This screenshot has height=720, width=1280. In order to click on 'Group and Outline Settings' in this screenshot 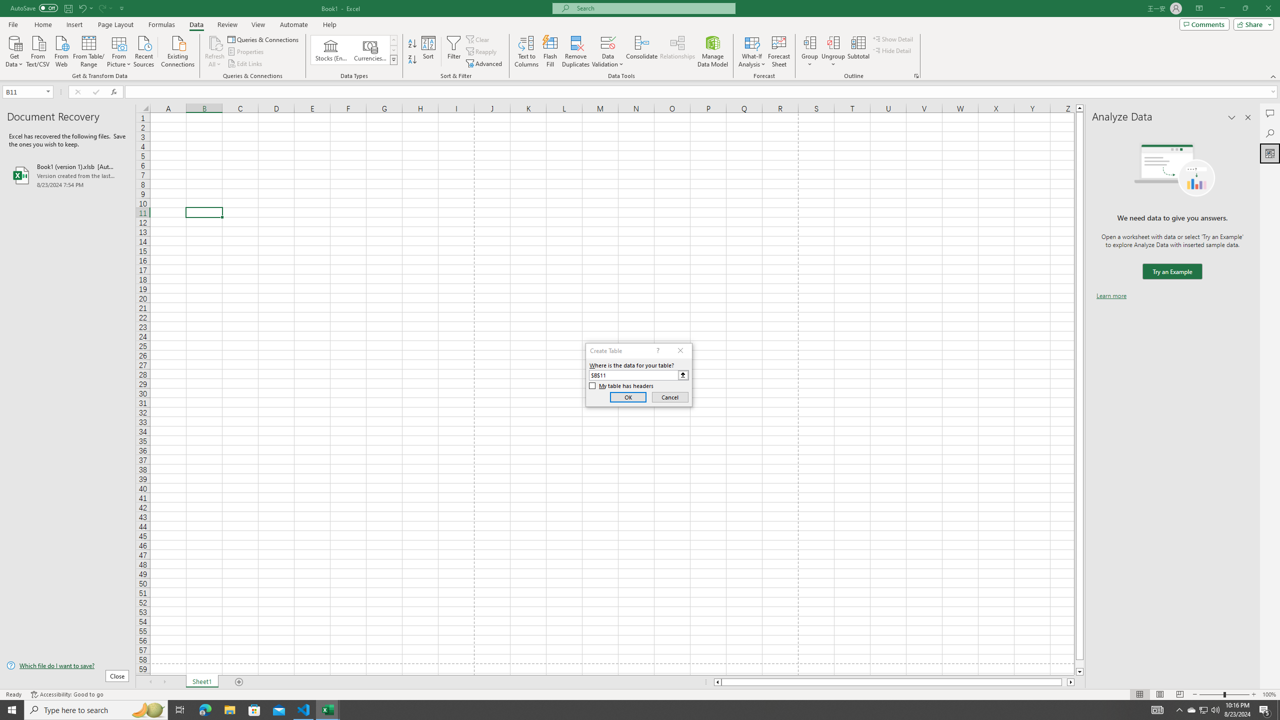, I will do `click(915, 75)`.